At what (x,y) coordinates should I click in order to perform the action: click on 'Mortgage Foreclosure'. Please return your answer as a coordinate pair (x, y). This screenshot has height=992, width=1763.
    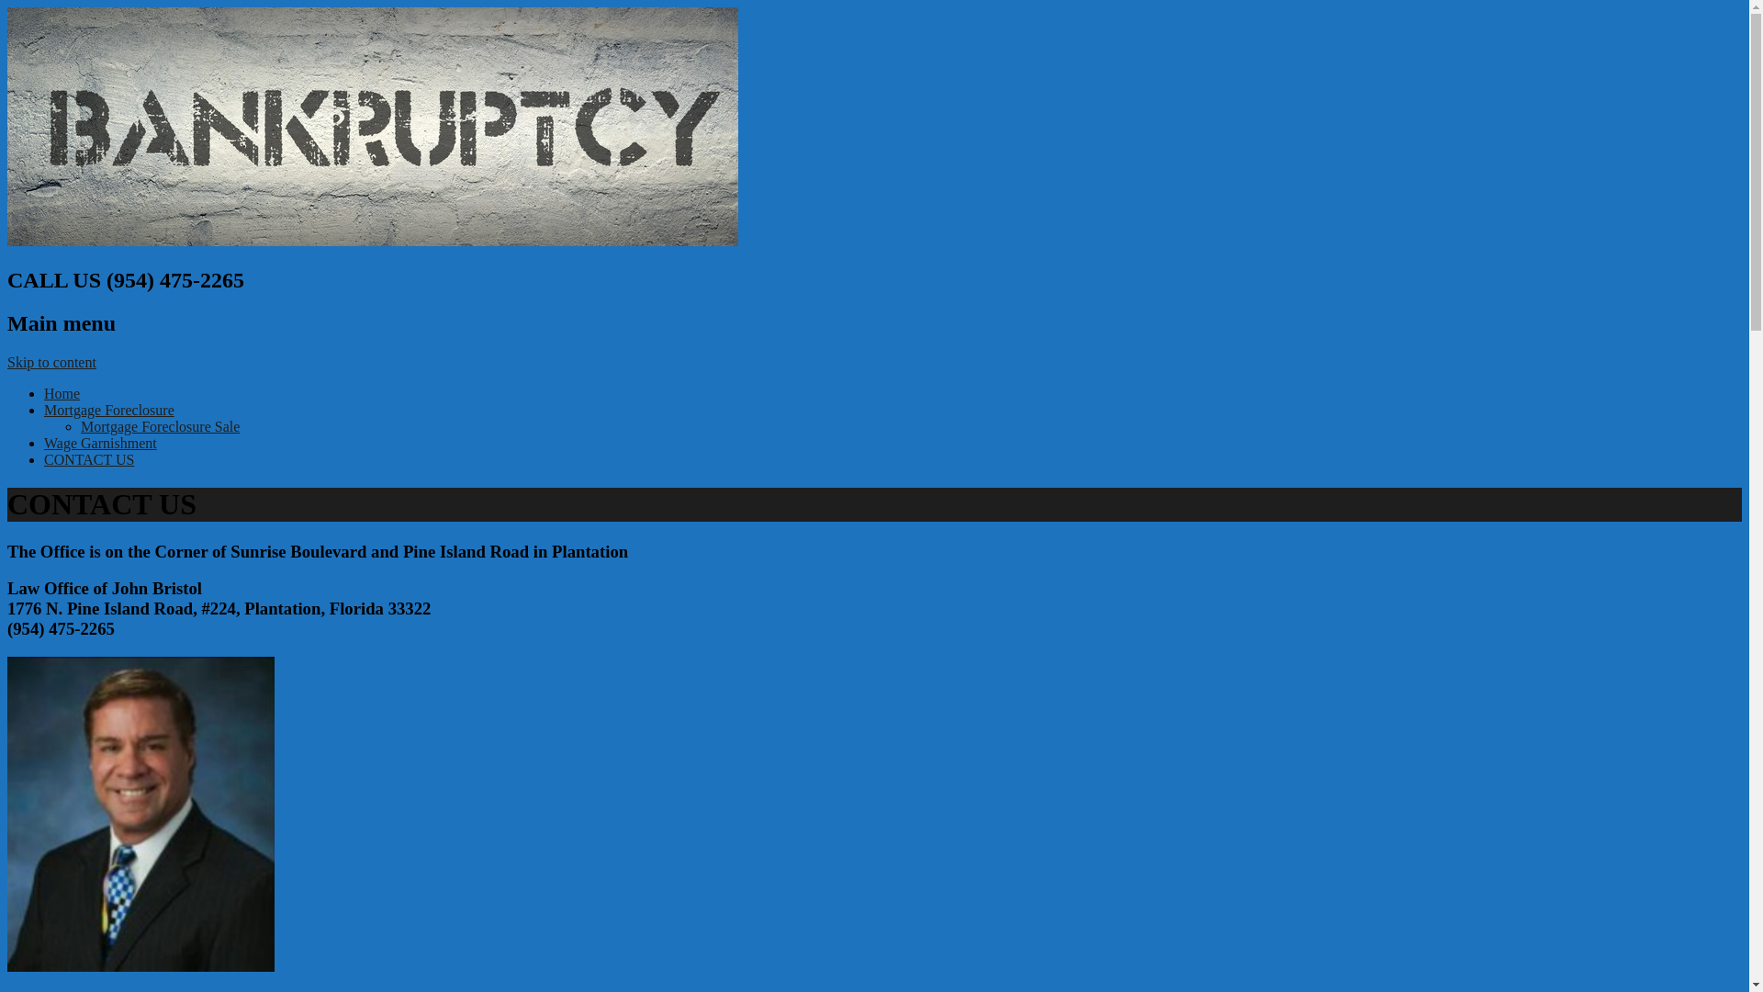
    Looking at the image, I should click on (108, 409).